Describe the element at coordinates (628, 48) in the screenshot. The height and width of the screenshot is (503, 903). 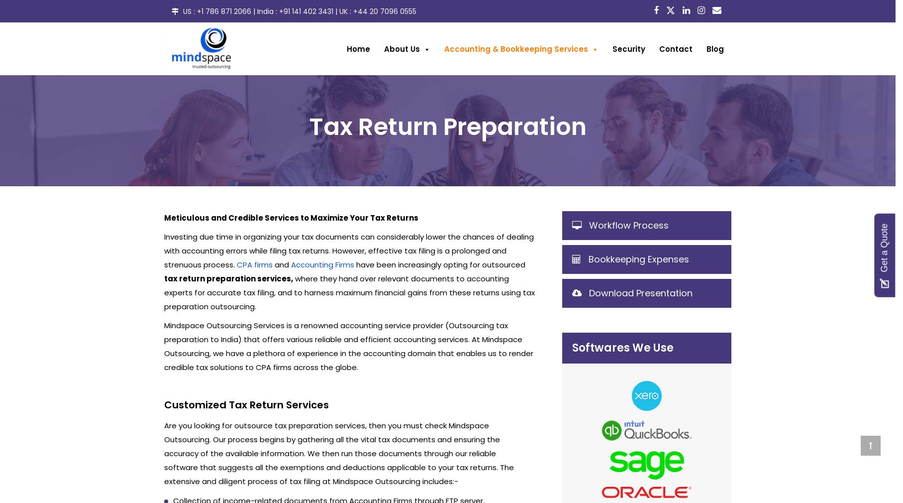
I see `'Security'` at that location.